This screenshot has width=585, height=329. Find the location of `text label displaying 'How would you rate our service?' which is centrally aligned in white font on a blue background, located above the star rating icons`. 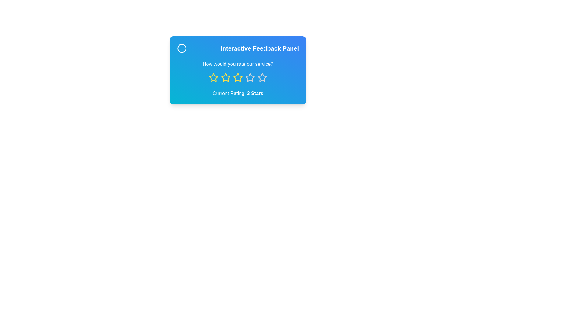

text label displaying 'How would you rate our service?' which is centrally aligned in white font on a blue background, located above the star rating icons is located at coordinates (238, 64).